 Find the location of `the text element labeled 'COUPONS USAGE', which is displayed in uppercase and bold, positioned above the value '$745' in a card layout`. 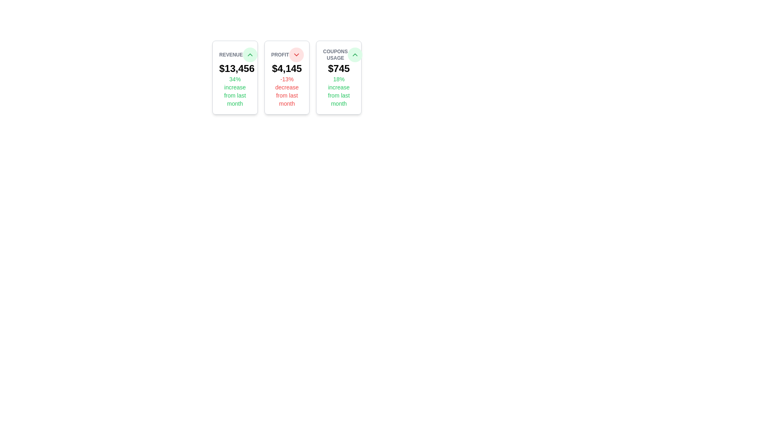

the text element labeled 'COUPONS USAGE', which is displayed in uppercase and bold, positioned above the value '$745' in a card layout is located at coordinates (339, 55).